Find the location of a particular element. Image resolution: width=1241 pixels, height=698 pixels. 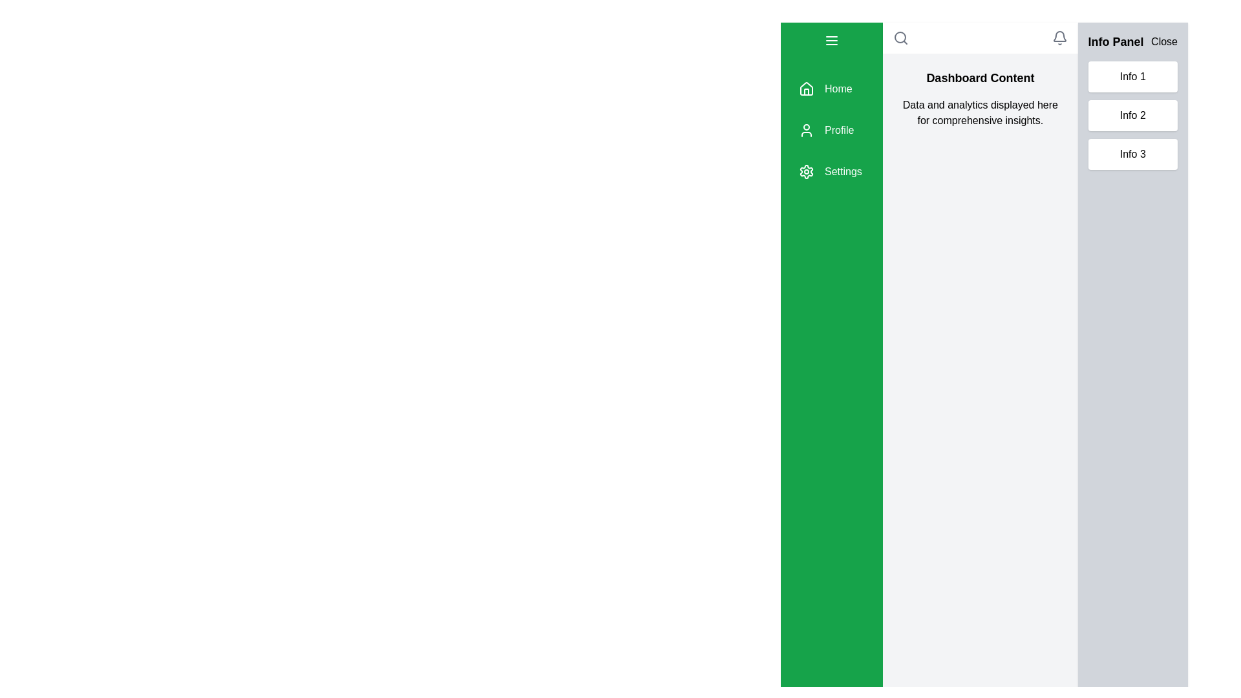

the circular SVG element representing a search icon located in the top navigation area, adjacent to the title and beside other navigation elements is located at coordinates (900, 36).